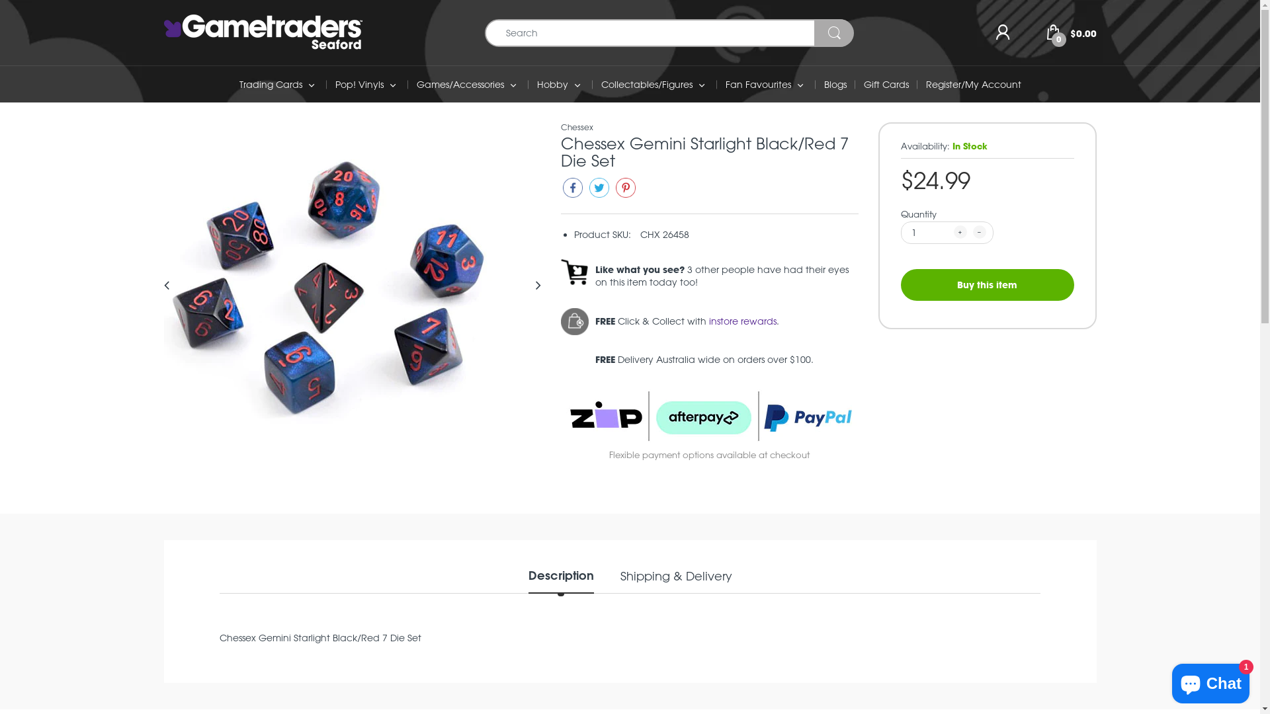 The height and width of the screenshot is (714, 1270). What do you see at coordinates (1072, 30) in the screenshot?
I see `'0` at bounding box center [1072, 30].